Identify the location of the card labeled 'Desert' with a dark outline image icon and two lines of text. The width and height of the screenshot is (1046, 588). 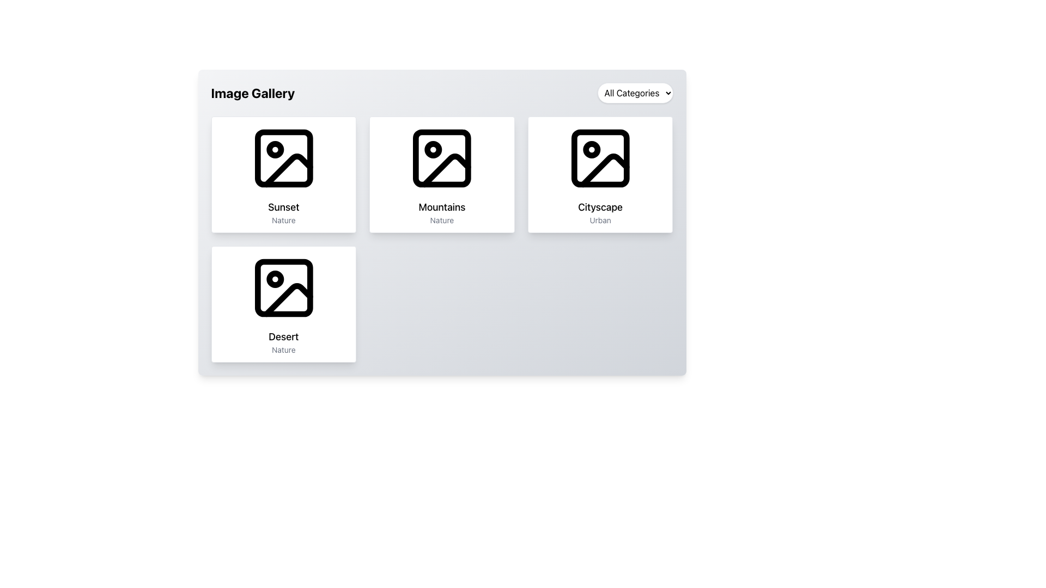
(283, 304).